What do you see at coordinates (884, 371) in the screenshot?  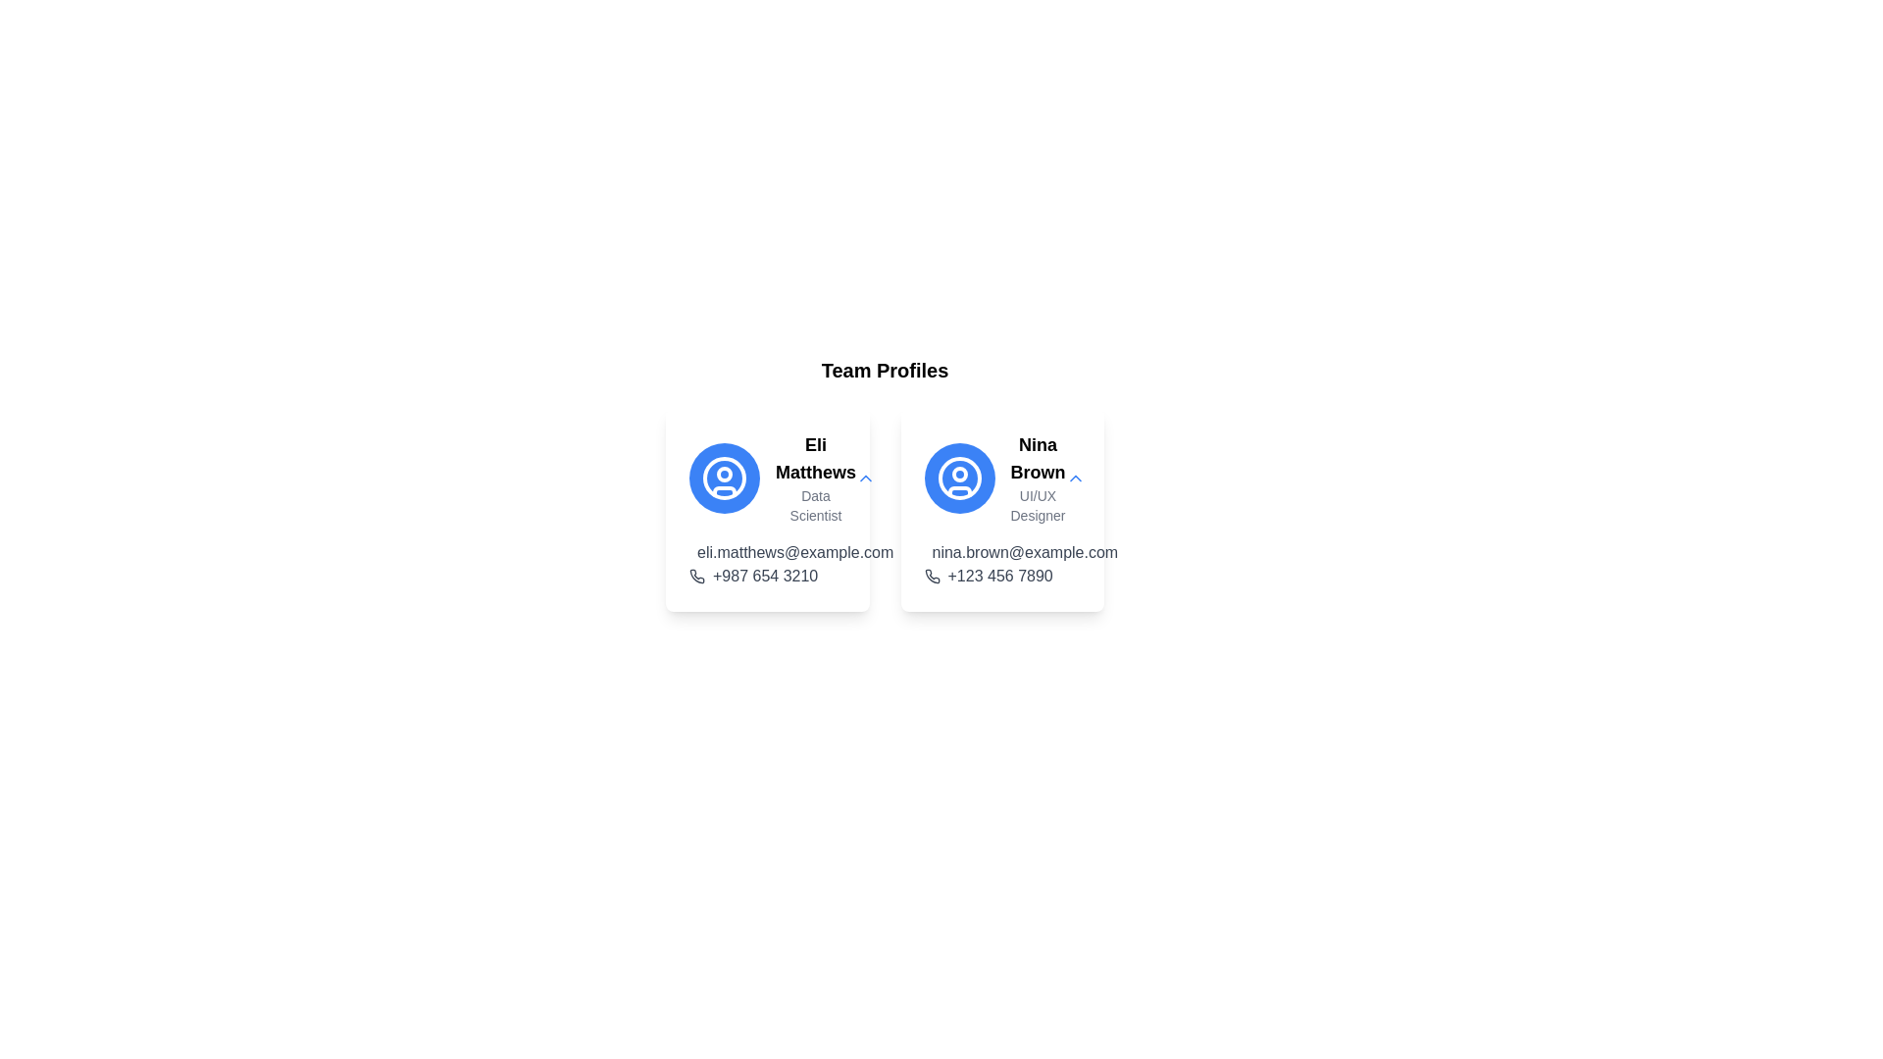 I see `text content of the Text Heading that serves as a title above two profile cards` at bounding box center [884, 371].